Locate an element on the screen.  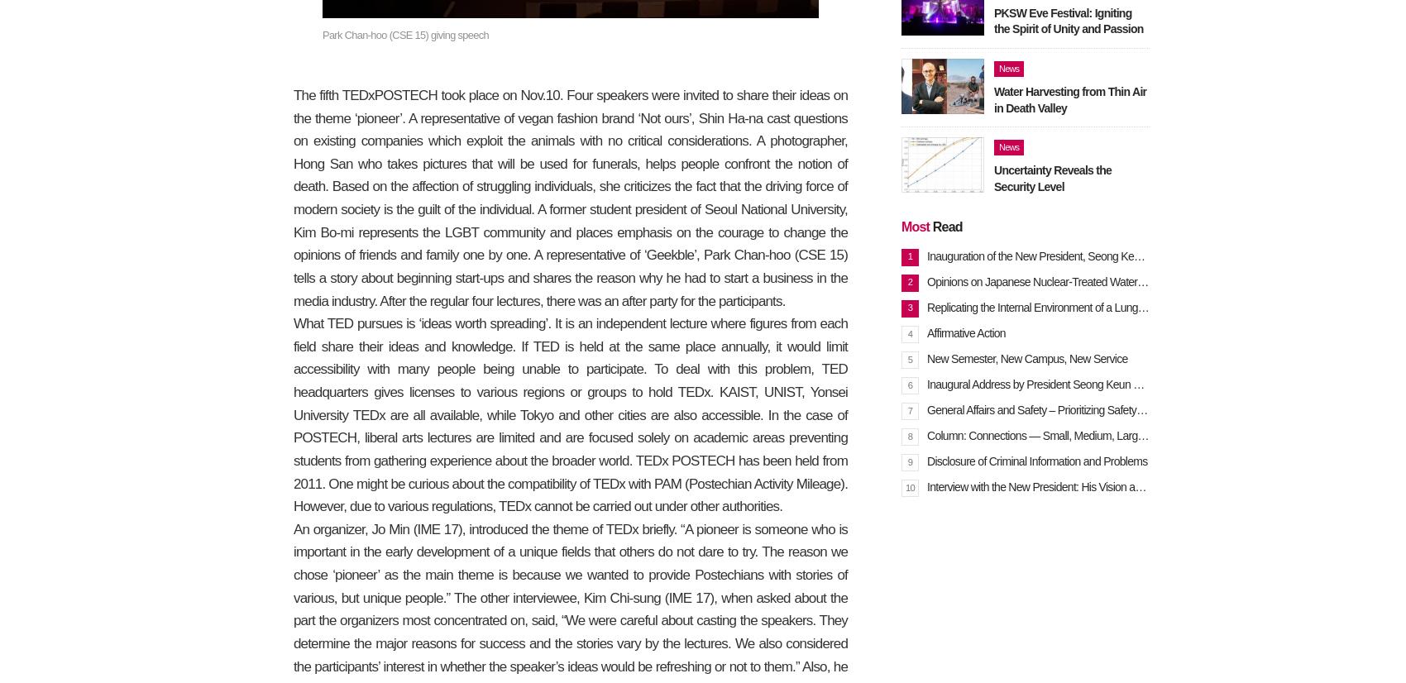
'Inauguration of the New President,  Seong Keun Kim' is located at coordinates (1045, 256).